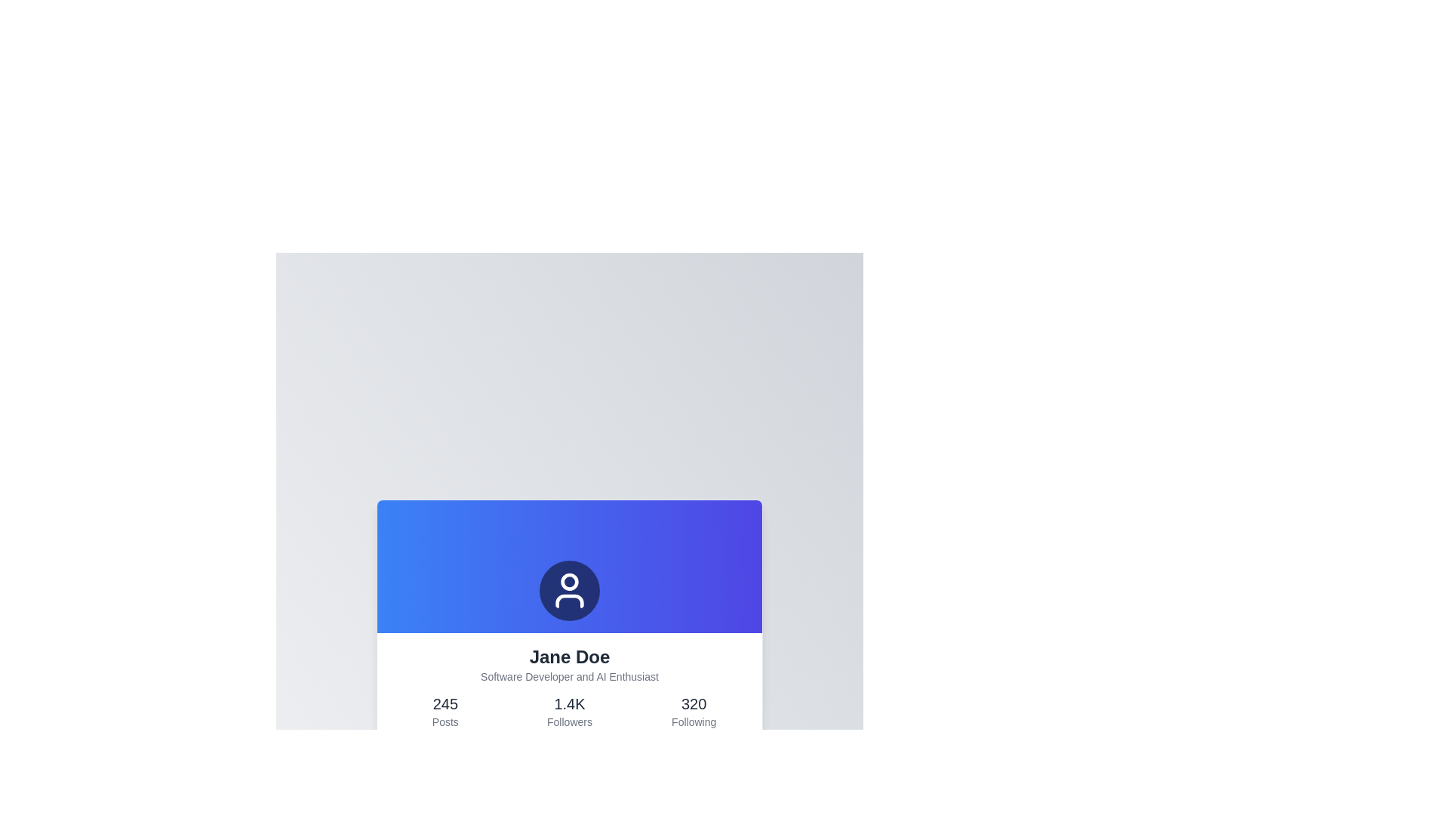  Describe the element at coordinates (568, 567) in the screenshot. I see `the user icon located at the center of the decorative header of the profile card` at that location.